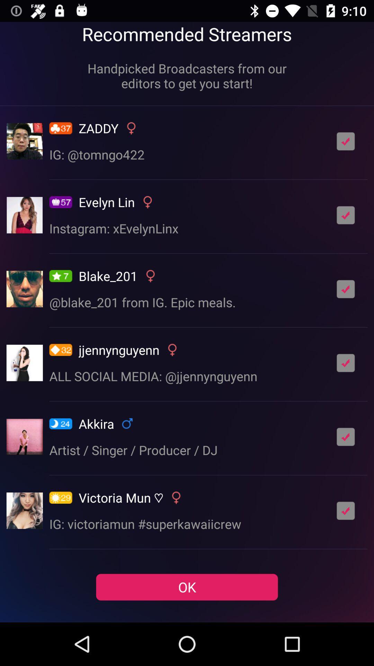 The width and height of the screenshot is (374, 666). I want to click on ok, so click(346, 289).